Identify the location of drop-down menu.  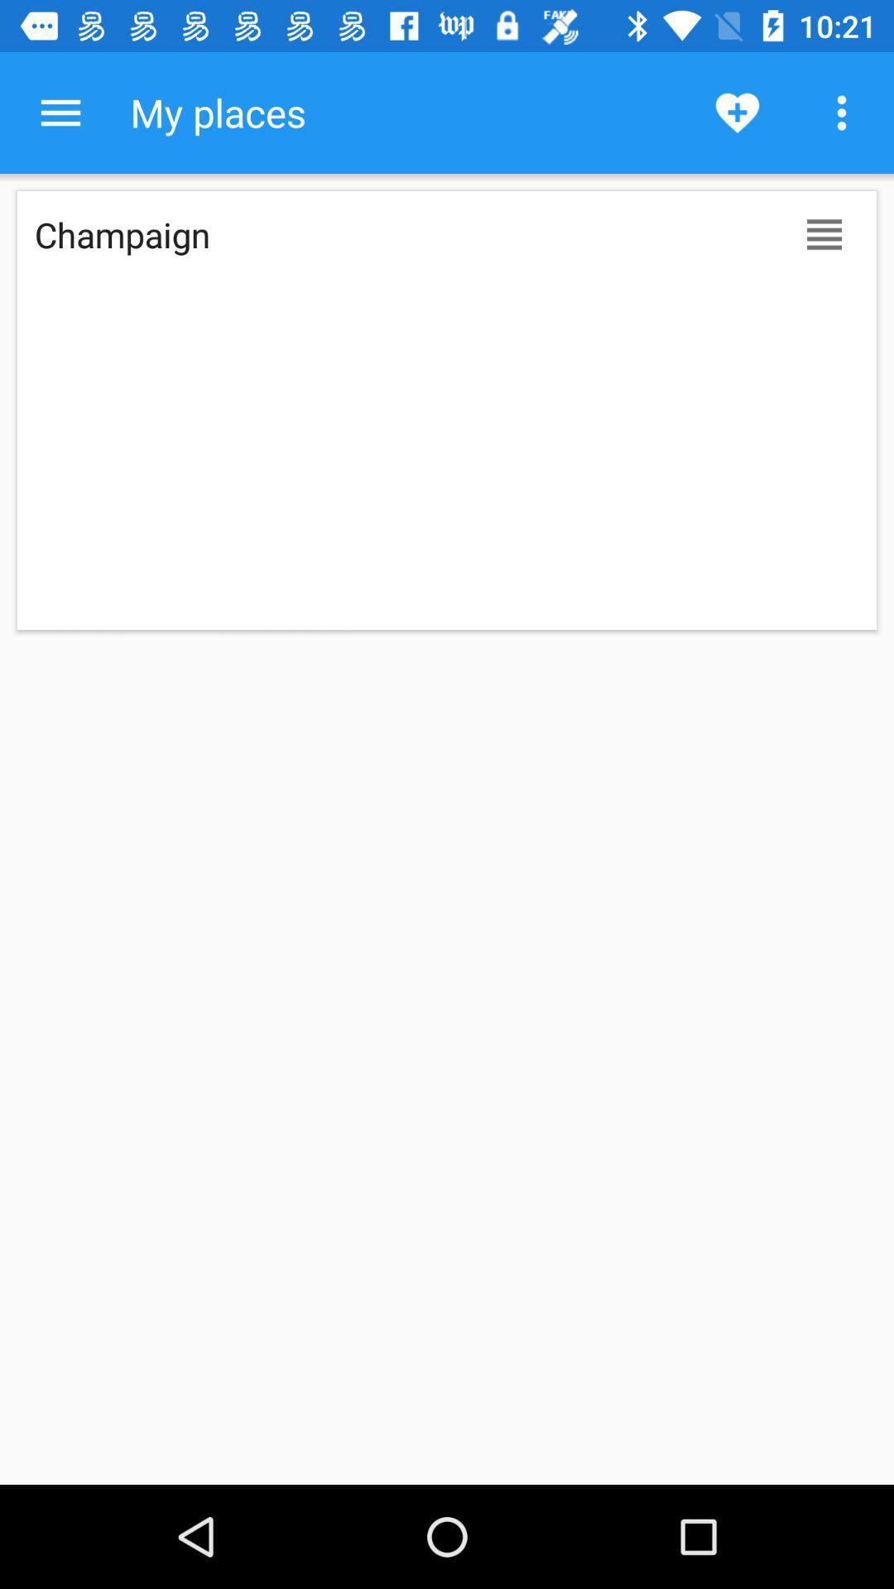
(60, 112).